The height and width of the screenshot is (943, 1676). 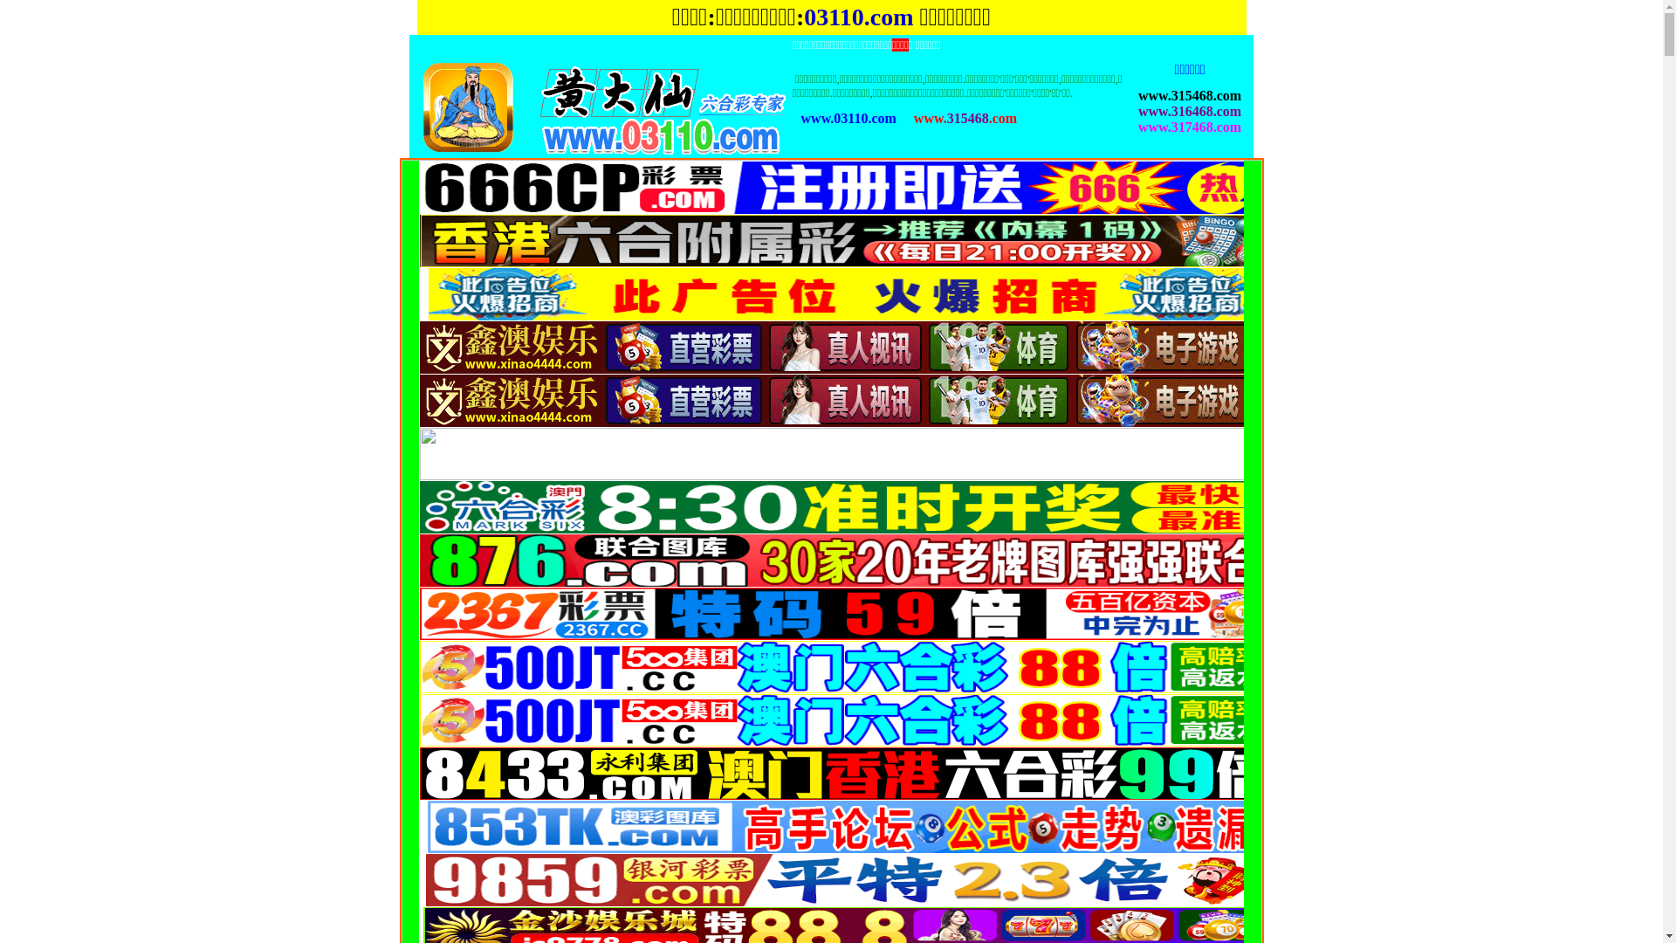 I want to click on 'www.03110.com', so click(x=848, y=118).